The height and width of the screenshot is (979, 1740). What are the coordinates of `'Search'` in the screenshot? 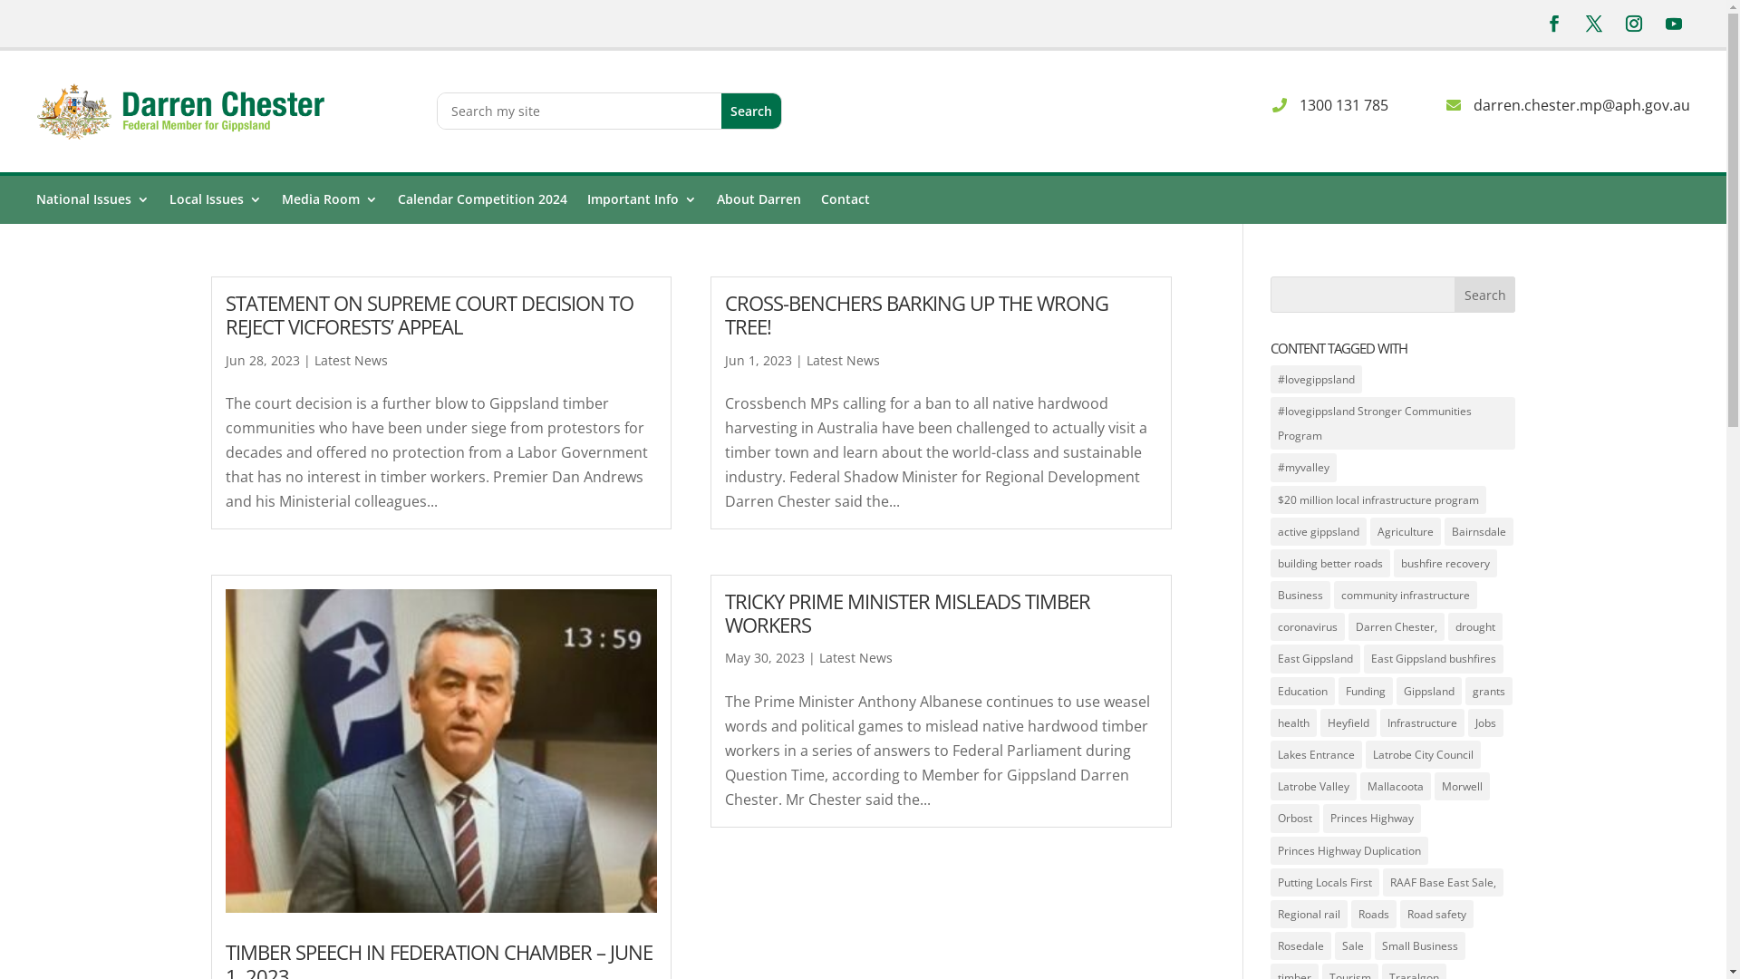 It's located at (1484, 293).